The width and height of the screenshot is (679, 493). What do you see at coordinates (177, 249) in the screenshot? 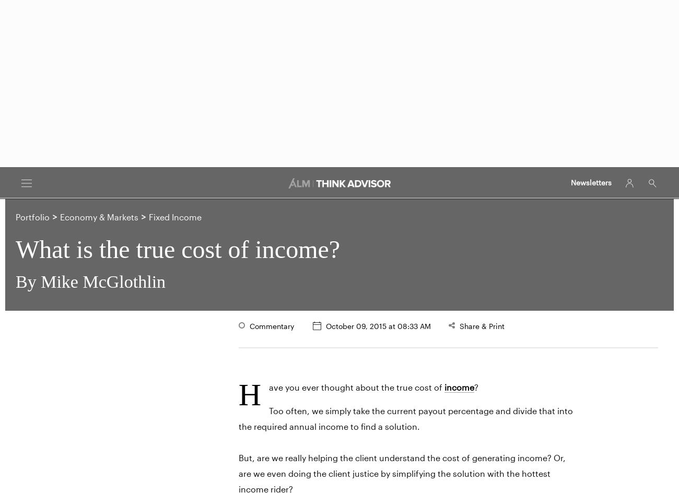
I see `'What is the true cost of income?'` at bounding box center [177, 249].